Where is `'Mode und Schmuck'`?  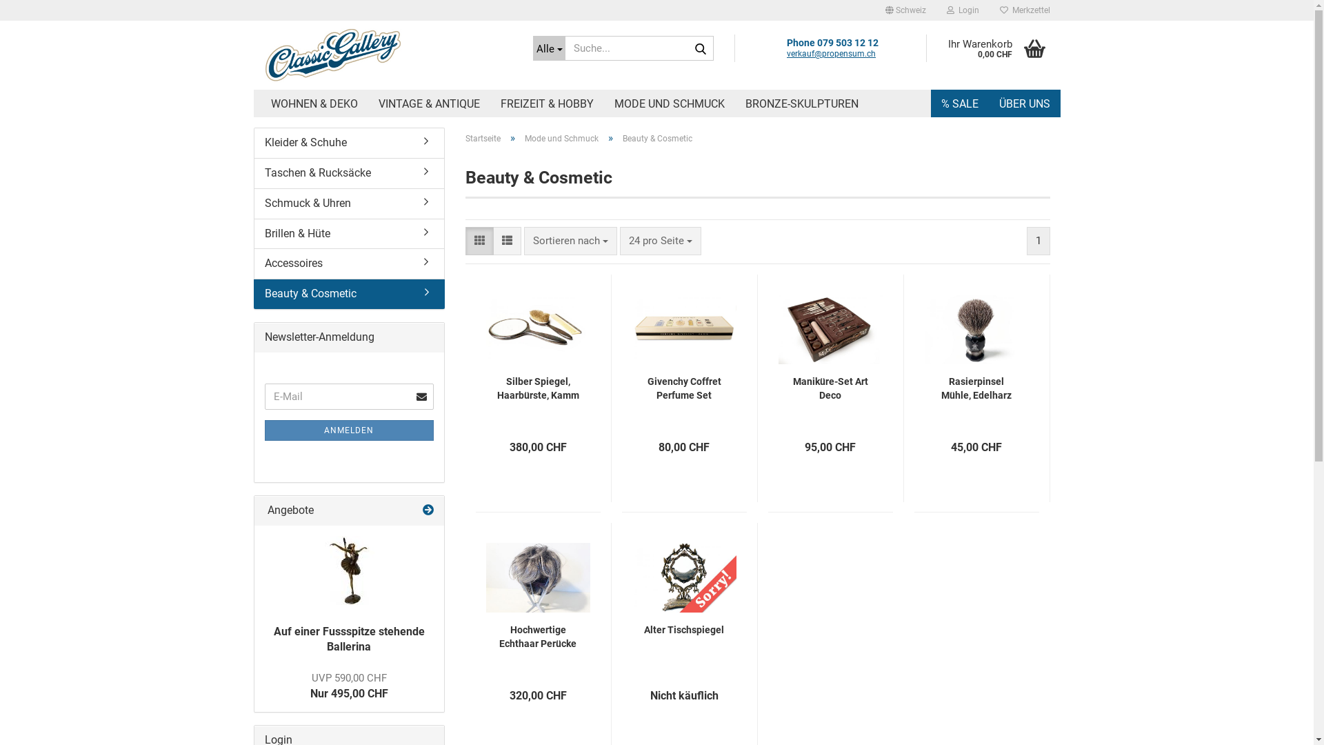
'Mode und Schmuck' is located at coordinates (524, 138).